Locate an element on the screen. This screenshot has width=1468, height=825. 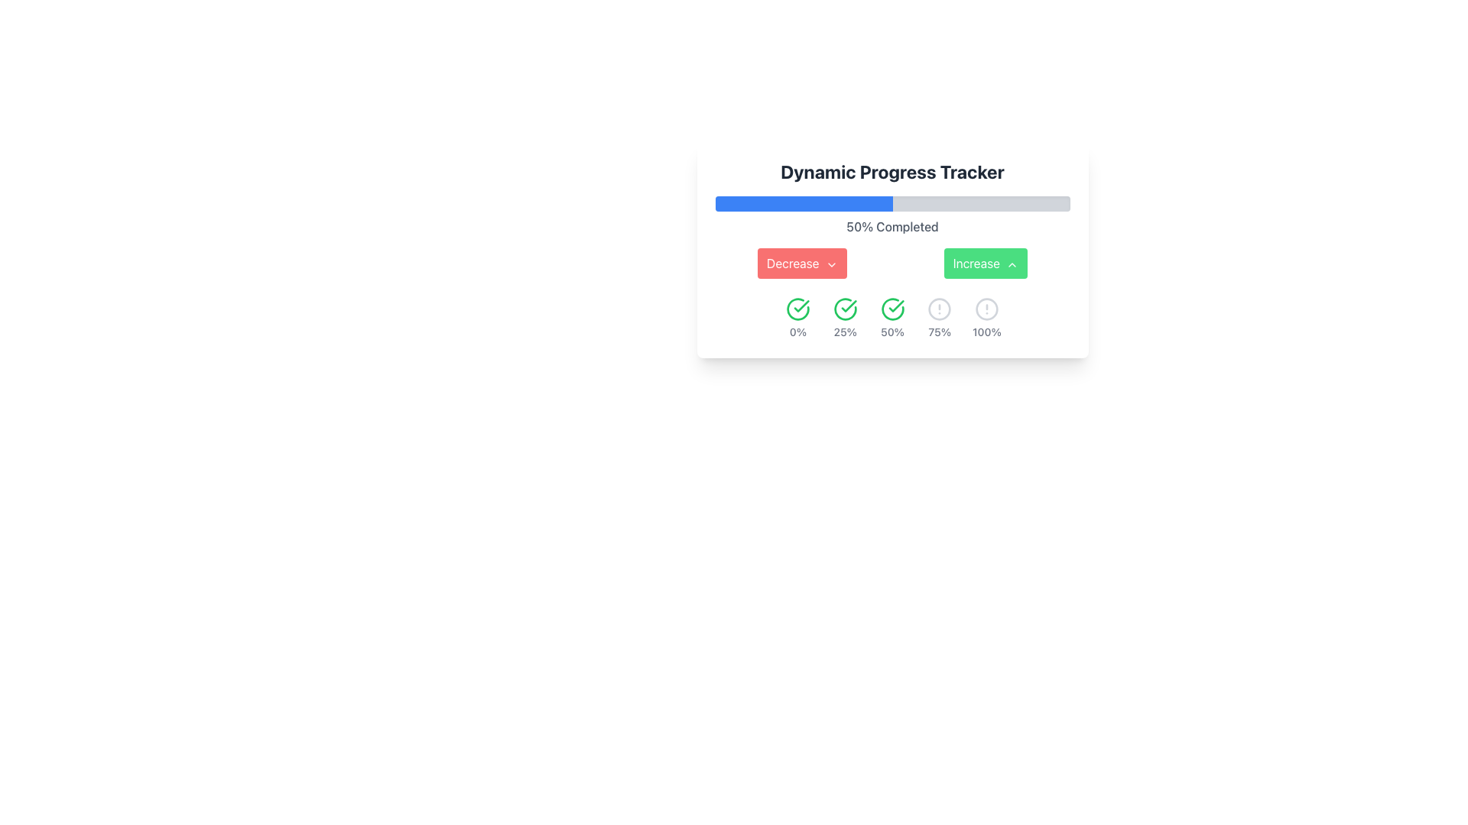
the circular icon that indicates '0%' completion status in the progress tracking interface, located above the '0%' is located at coordinates (797, 309).